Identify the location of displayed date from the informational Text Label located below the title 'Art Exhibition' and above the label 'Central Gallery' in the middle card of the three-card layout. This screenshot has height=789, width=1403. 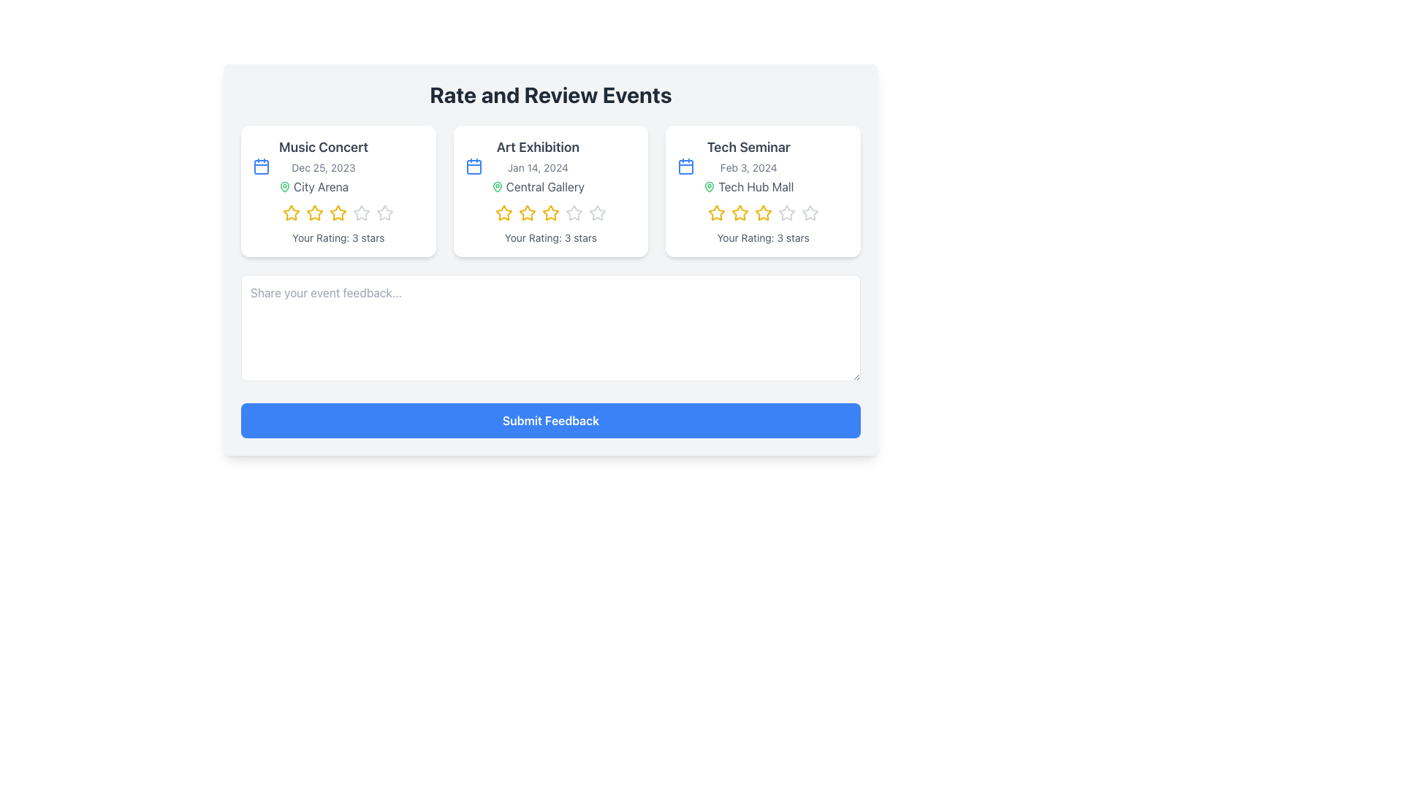
(537, 167).